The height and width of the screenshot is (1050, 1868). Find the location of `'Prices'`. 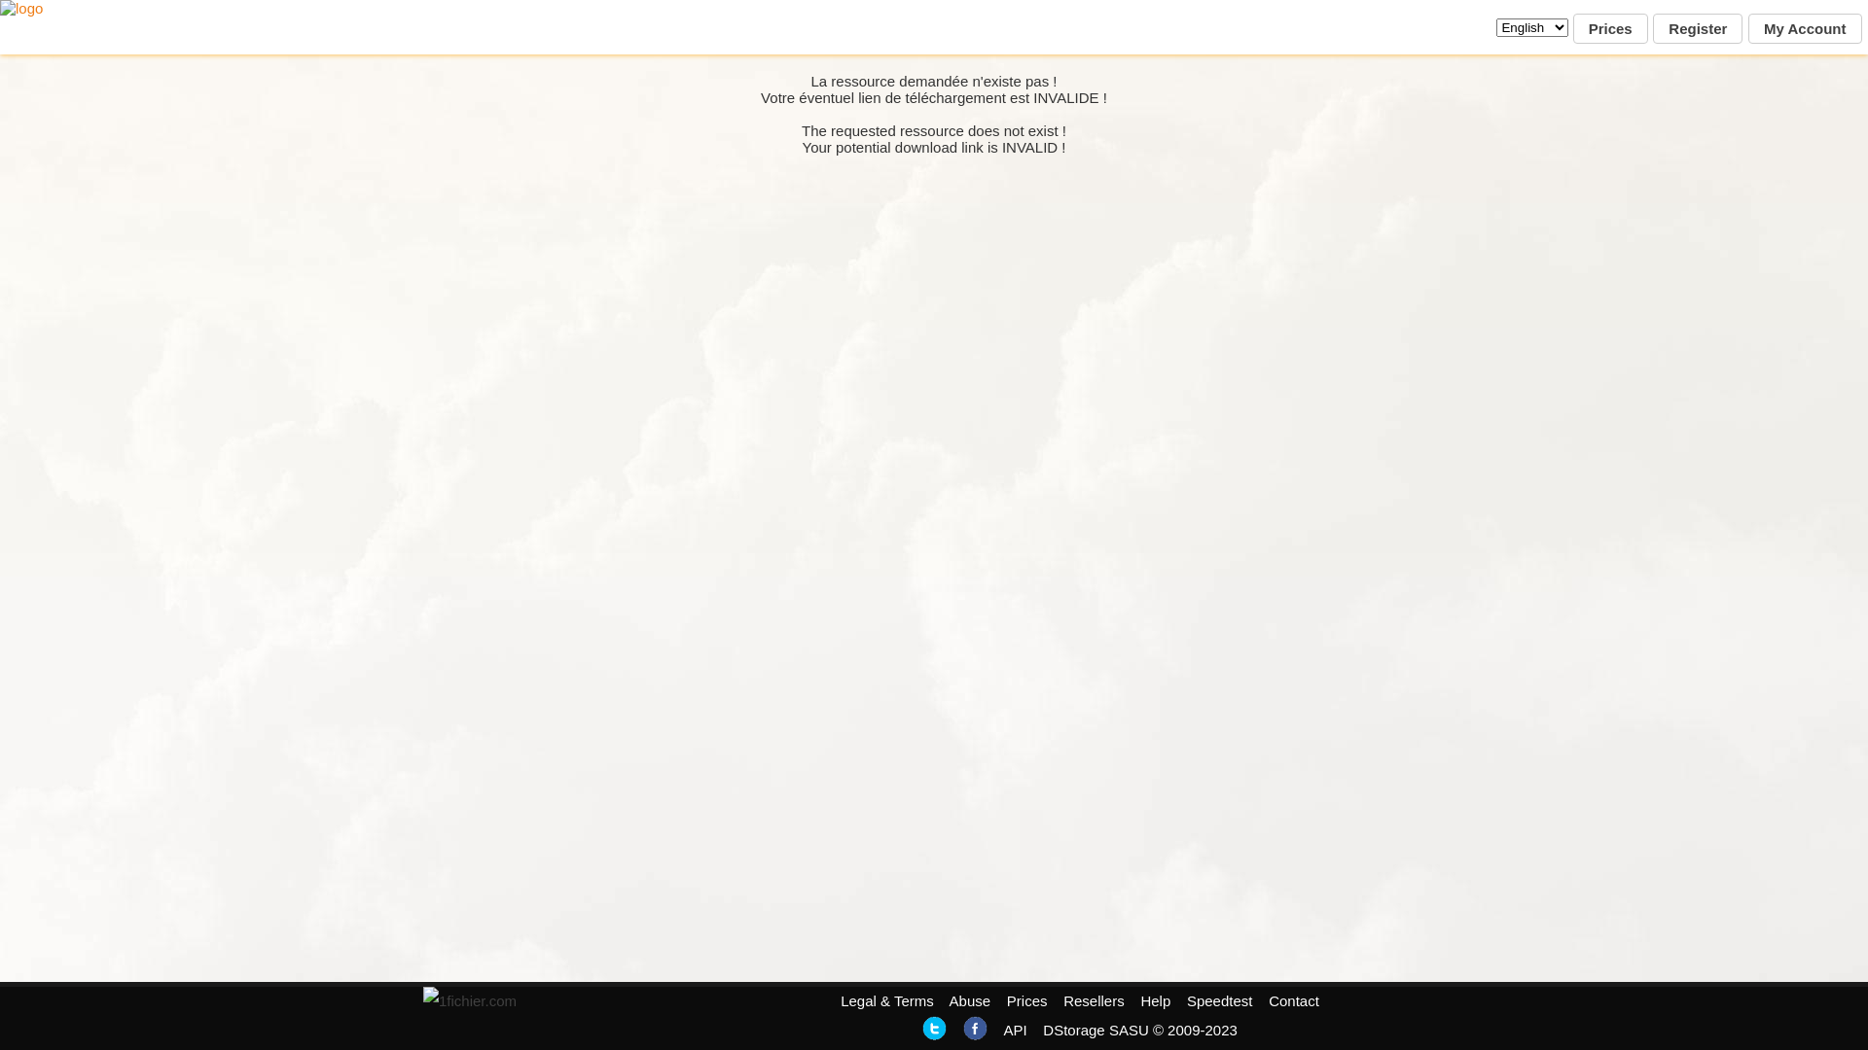

'Prices' is located at coordinates (1610, 28).